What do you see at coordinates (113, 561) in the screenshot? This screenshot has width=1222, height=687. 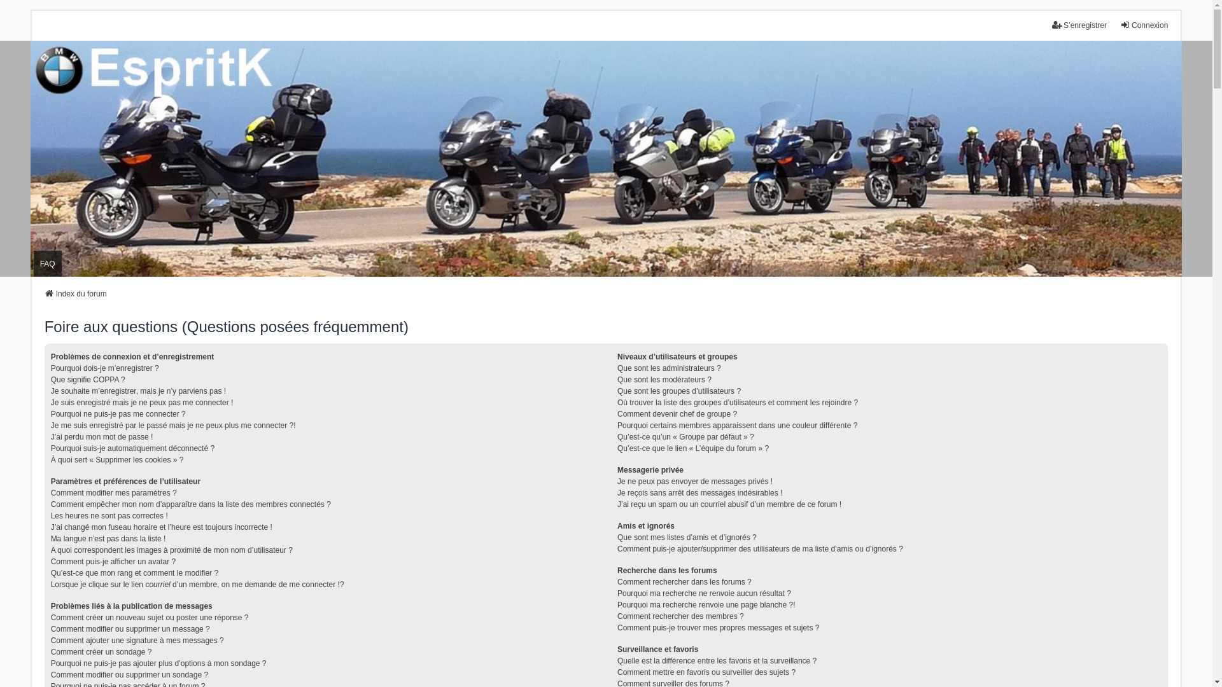 I see `'Comment puis-je afficher un avatar ?'` at bounding box center [113, 561].